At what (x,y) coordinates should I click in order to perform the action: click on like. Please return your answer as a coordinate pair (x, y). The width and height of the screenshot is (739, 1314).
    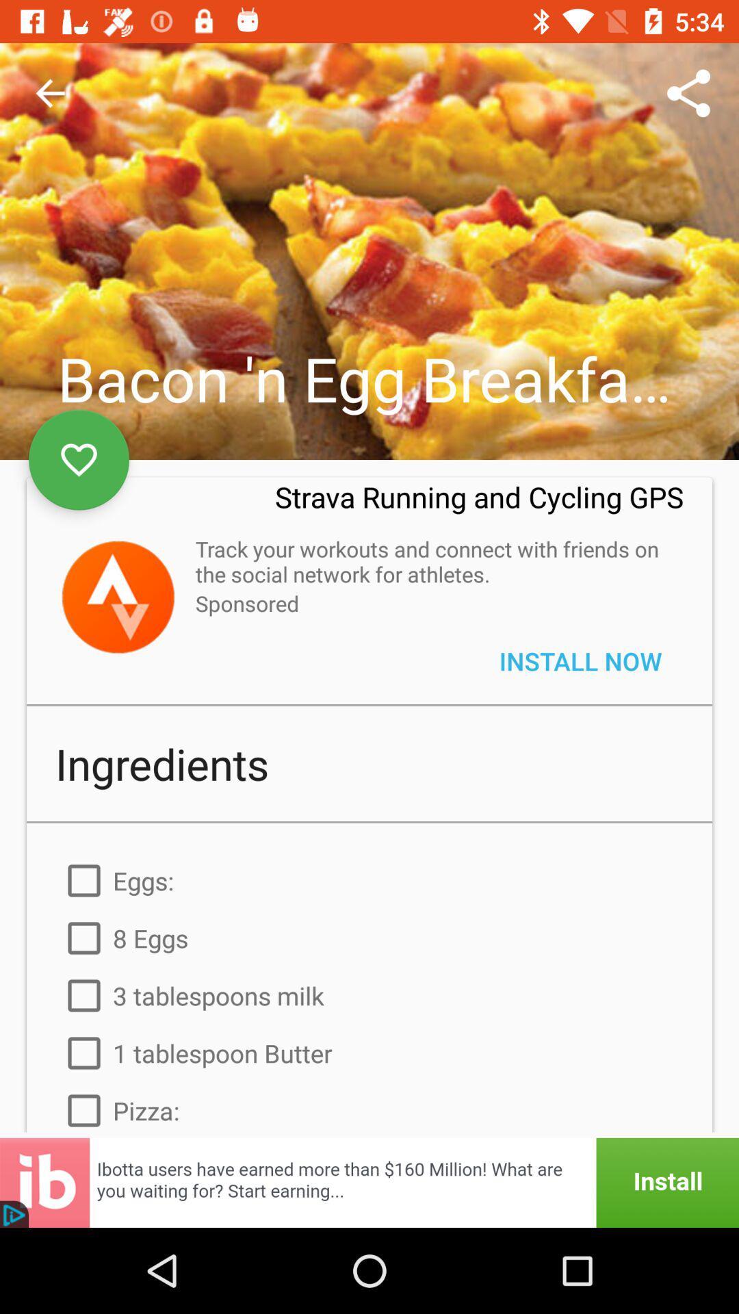
    Looking at the image, I should click on (79, 460).